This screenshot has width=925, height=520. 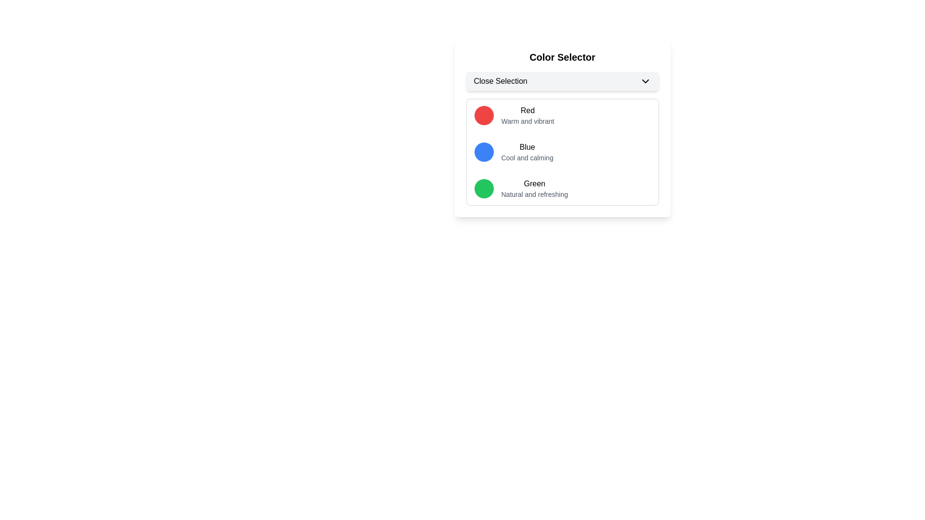 What do you see at coordinates (534, 183) in the screenshot?
I see `the text label representing the color green, located in the third item of the color selection list in the pop-up interface, to trigger tooltips or highlights` at bounding box center [534, 183].